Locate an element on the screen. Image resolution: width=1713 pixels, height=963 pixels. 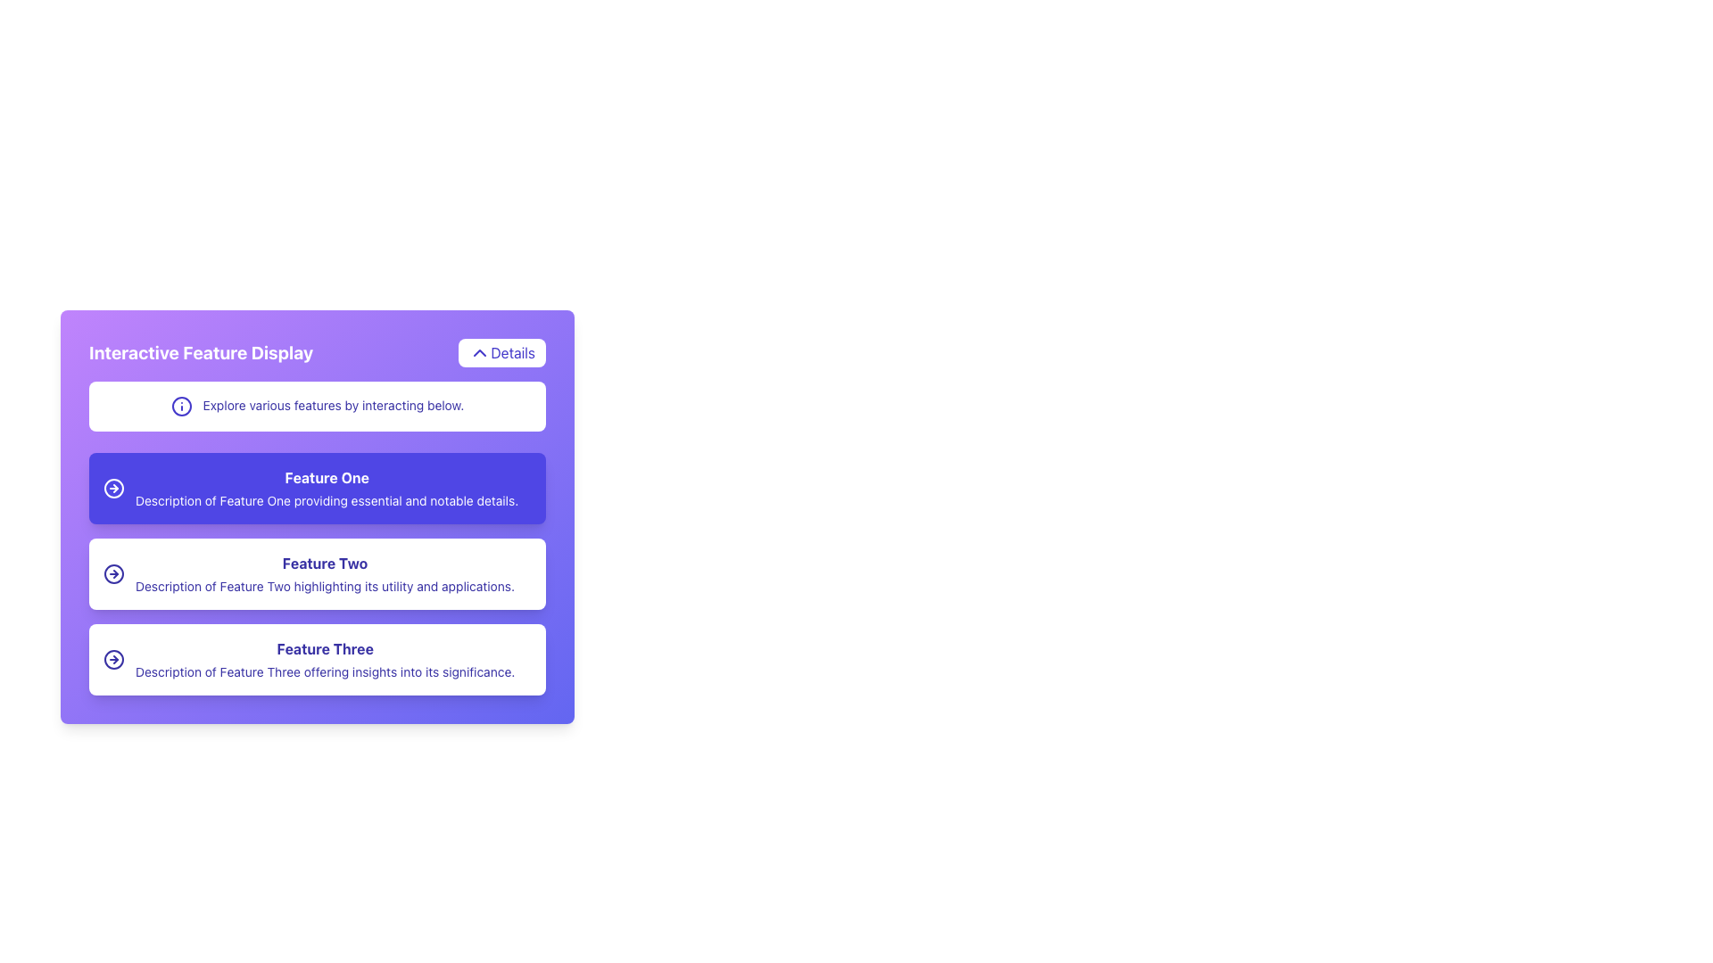
the text label that reads 'Feature Three' by moving the cursor to its center point is located at coordinates (325, 649).